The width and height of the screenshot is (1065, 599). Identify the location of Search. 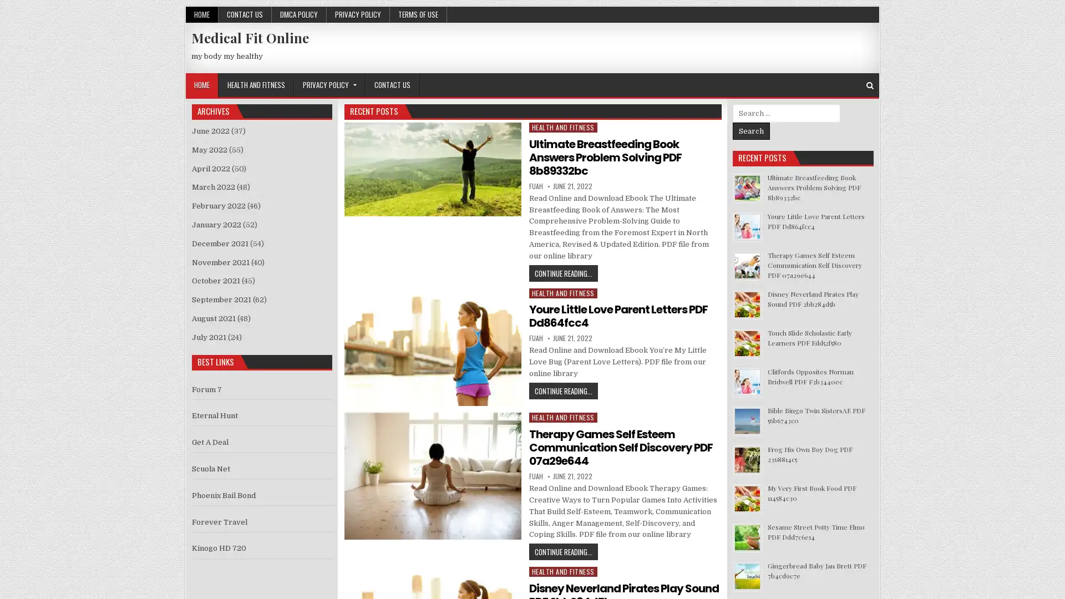
(751, 130).